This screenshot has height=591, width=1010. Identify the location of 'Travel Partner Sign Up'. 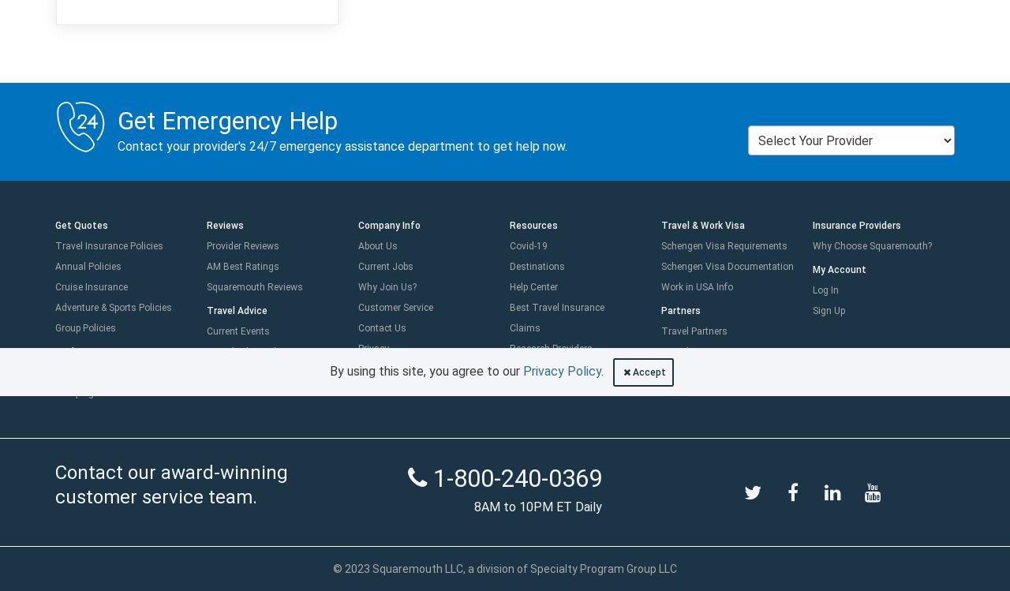
(708, 372).